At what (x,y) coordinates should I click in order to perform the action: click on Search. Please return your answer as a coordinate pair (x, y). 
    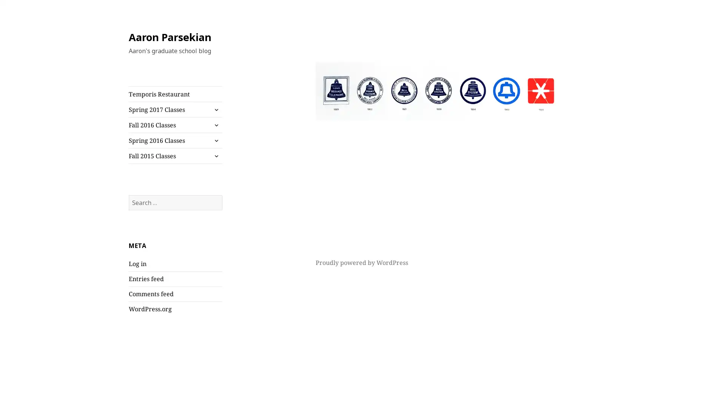
    Looking at the image, I should click on (221, 194).